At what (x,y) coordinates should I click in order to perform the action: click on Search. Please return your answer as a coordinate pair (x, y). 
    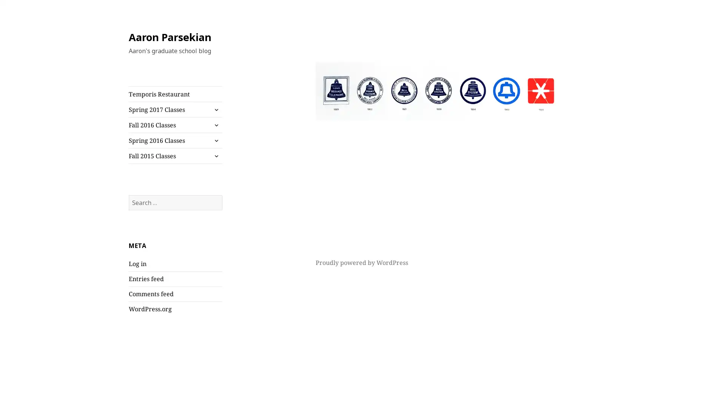
    Looking at the image, I should click on (221, 194).